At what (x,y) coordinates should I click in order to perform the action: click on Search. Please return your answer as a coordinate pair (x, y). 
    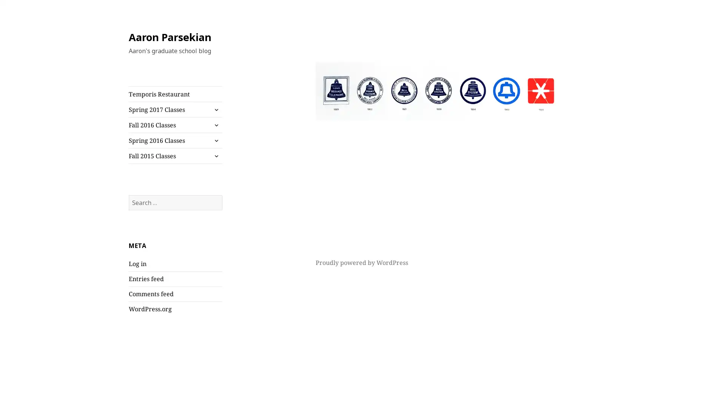
    Looking at the image, I should click on (221, 194).